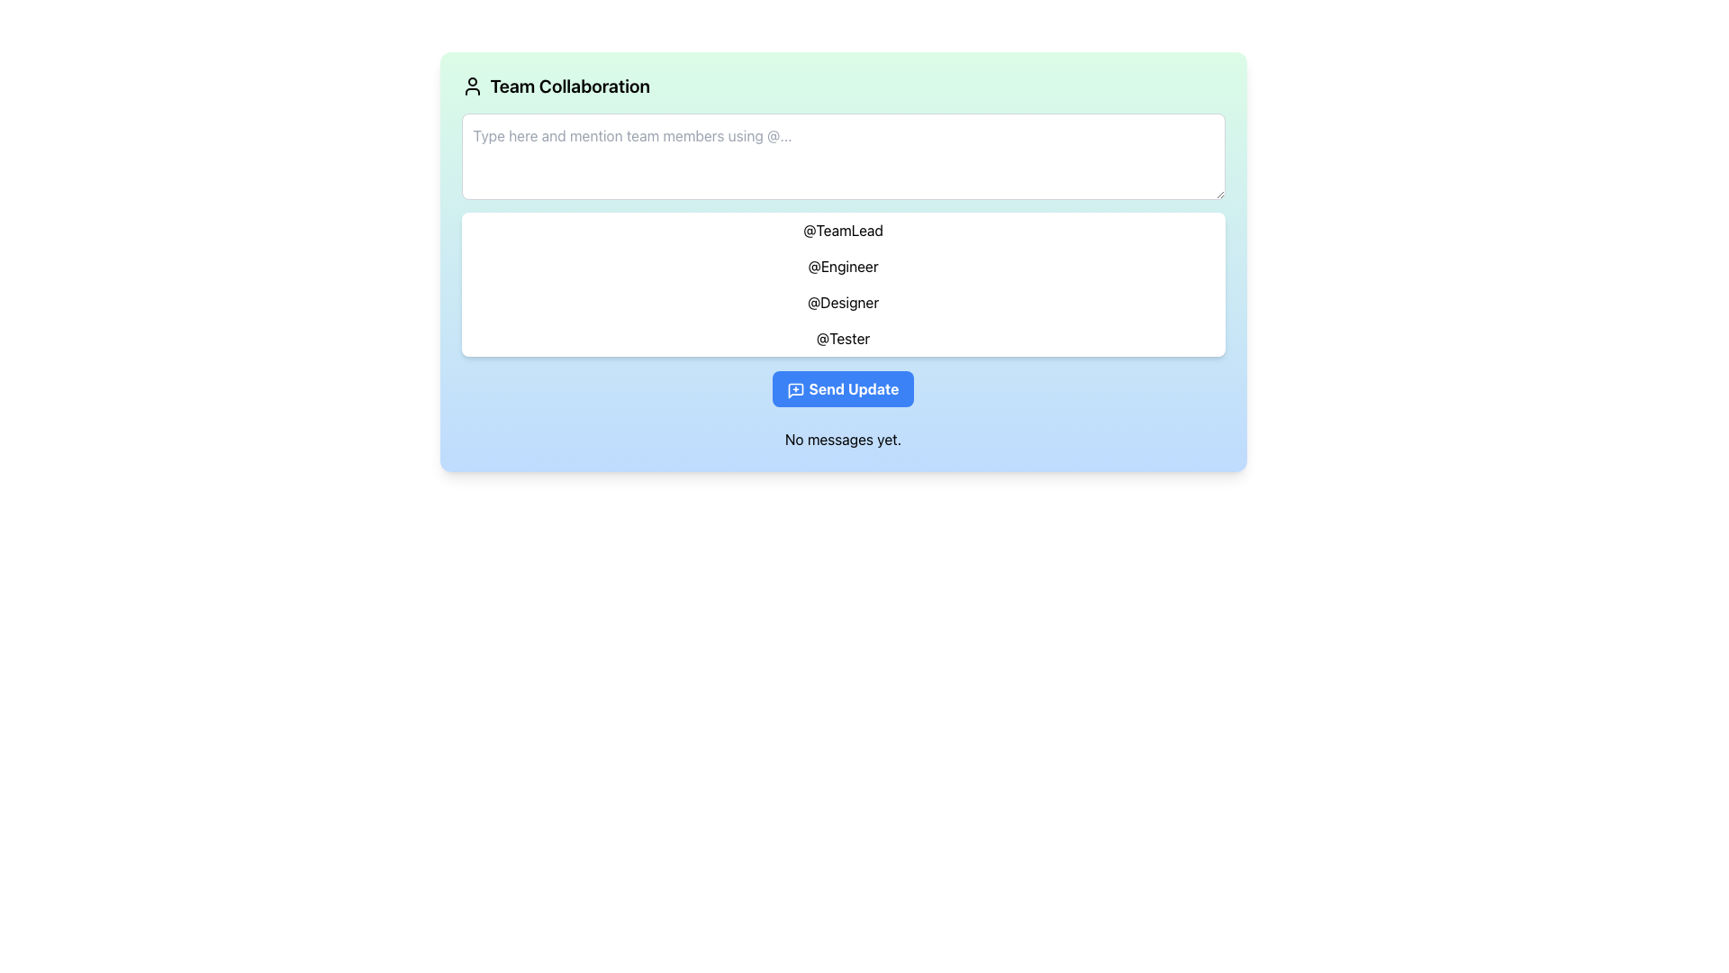 The width and height of the screenshot is (1729, 973). Describe the element at coordinates (472, 86) in the screenshot. I see `the 'Team Collaboration' icon which visually represents the collaborative purpose of the section, located to the left of the text 'Team Collaboration'` at that location.